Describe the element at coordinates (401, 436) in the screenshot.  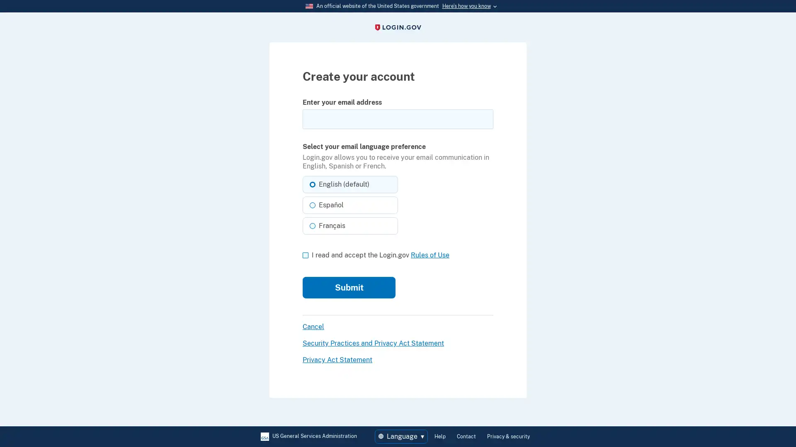
I see `Language` at that location.